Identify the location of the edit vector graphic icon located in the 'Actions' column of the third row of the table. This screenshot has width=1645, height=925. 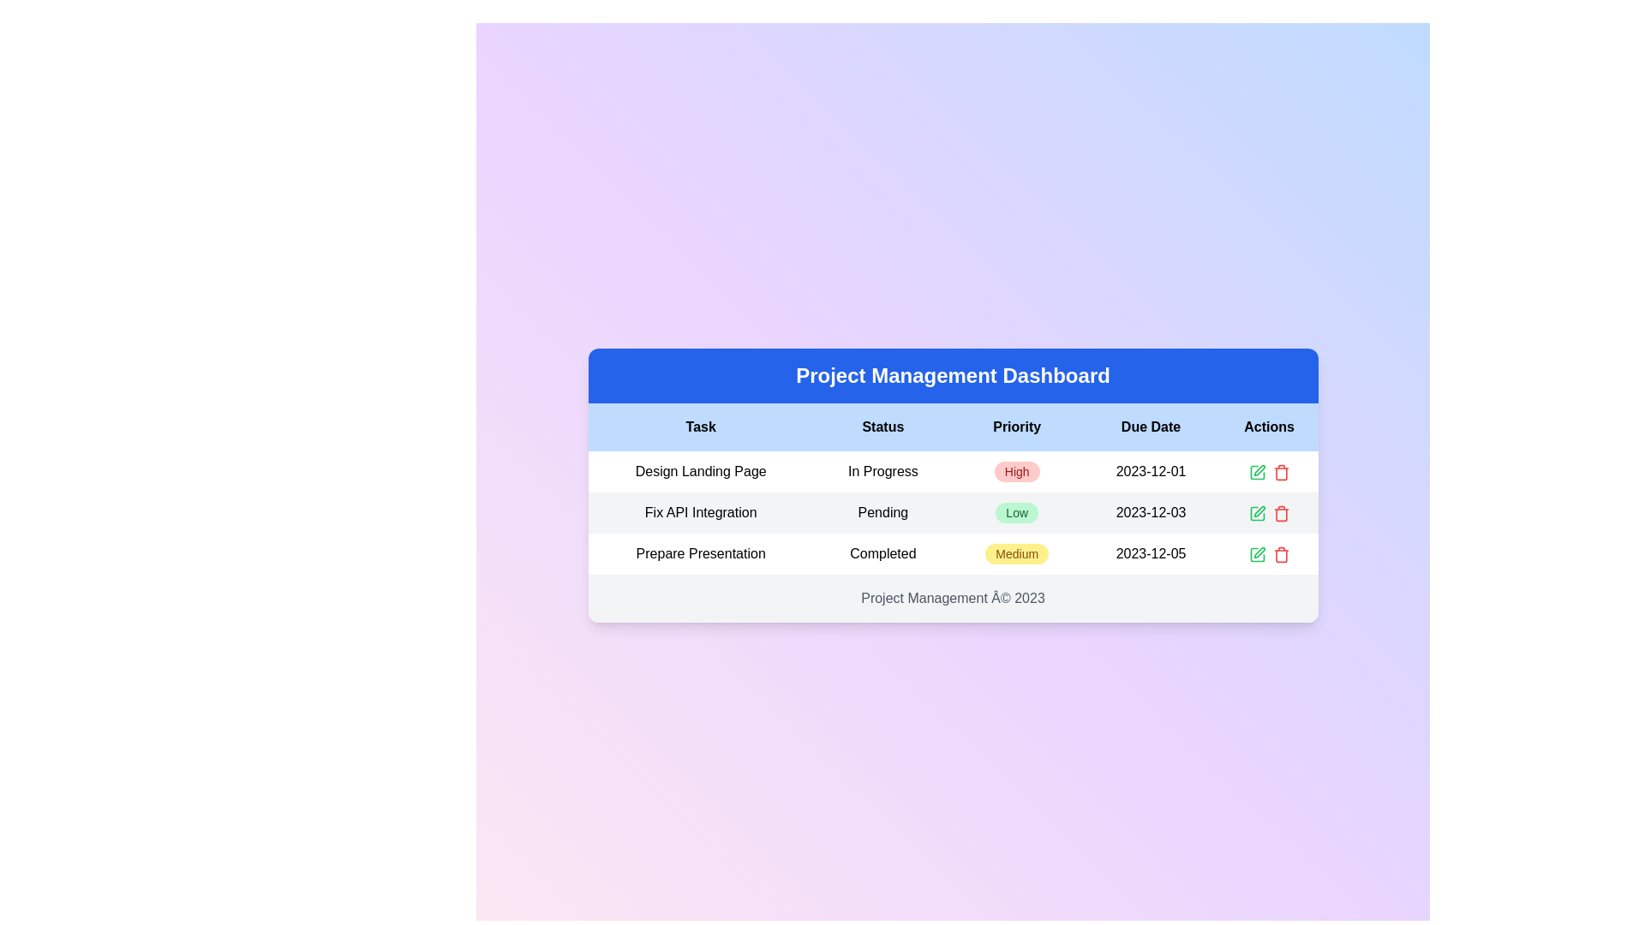
(1257, 512).